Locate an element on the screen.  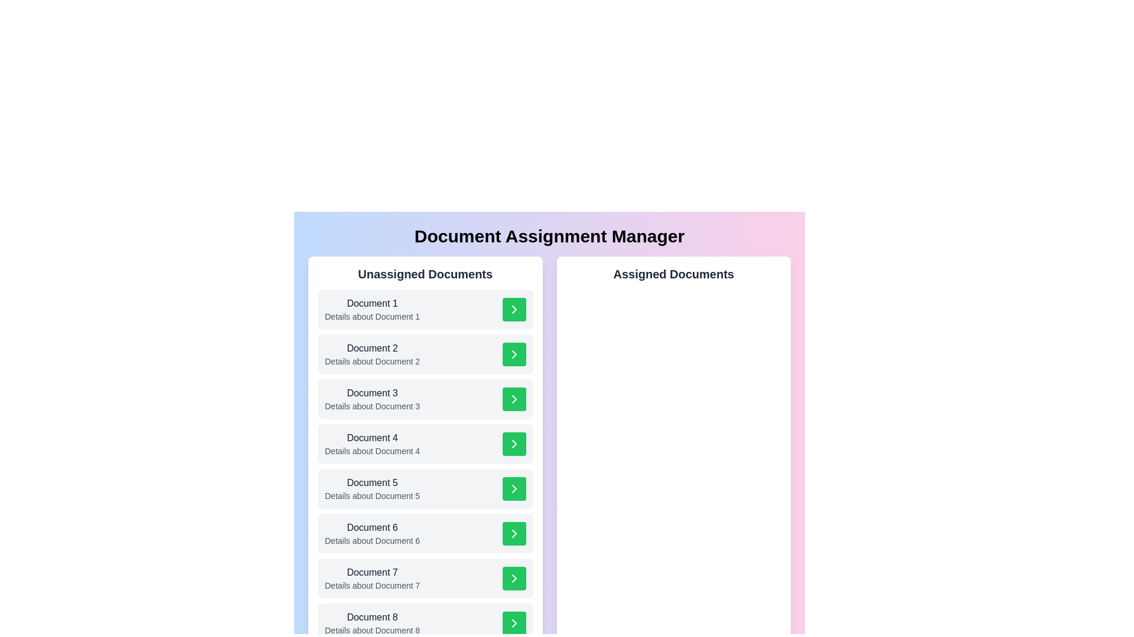
the button located to the far right of the 'Document 3' list item in the 'Unassigned Documents' section is located at coordinates (514, 399).